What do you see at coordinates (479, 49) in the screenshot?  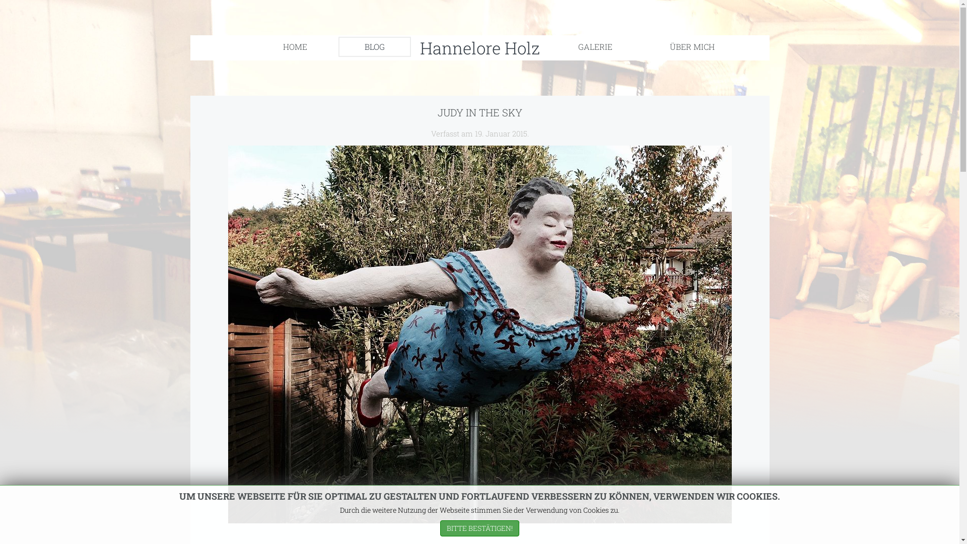 I see `'Hannelore Holz'` at bounding box center [479, 49].